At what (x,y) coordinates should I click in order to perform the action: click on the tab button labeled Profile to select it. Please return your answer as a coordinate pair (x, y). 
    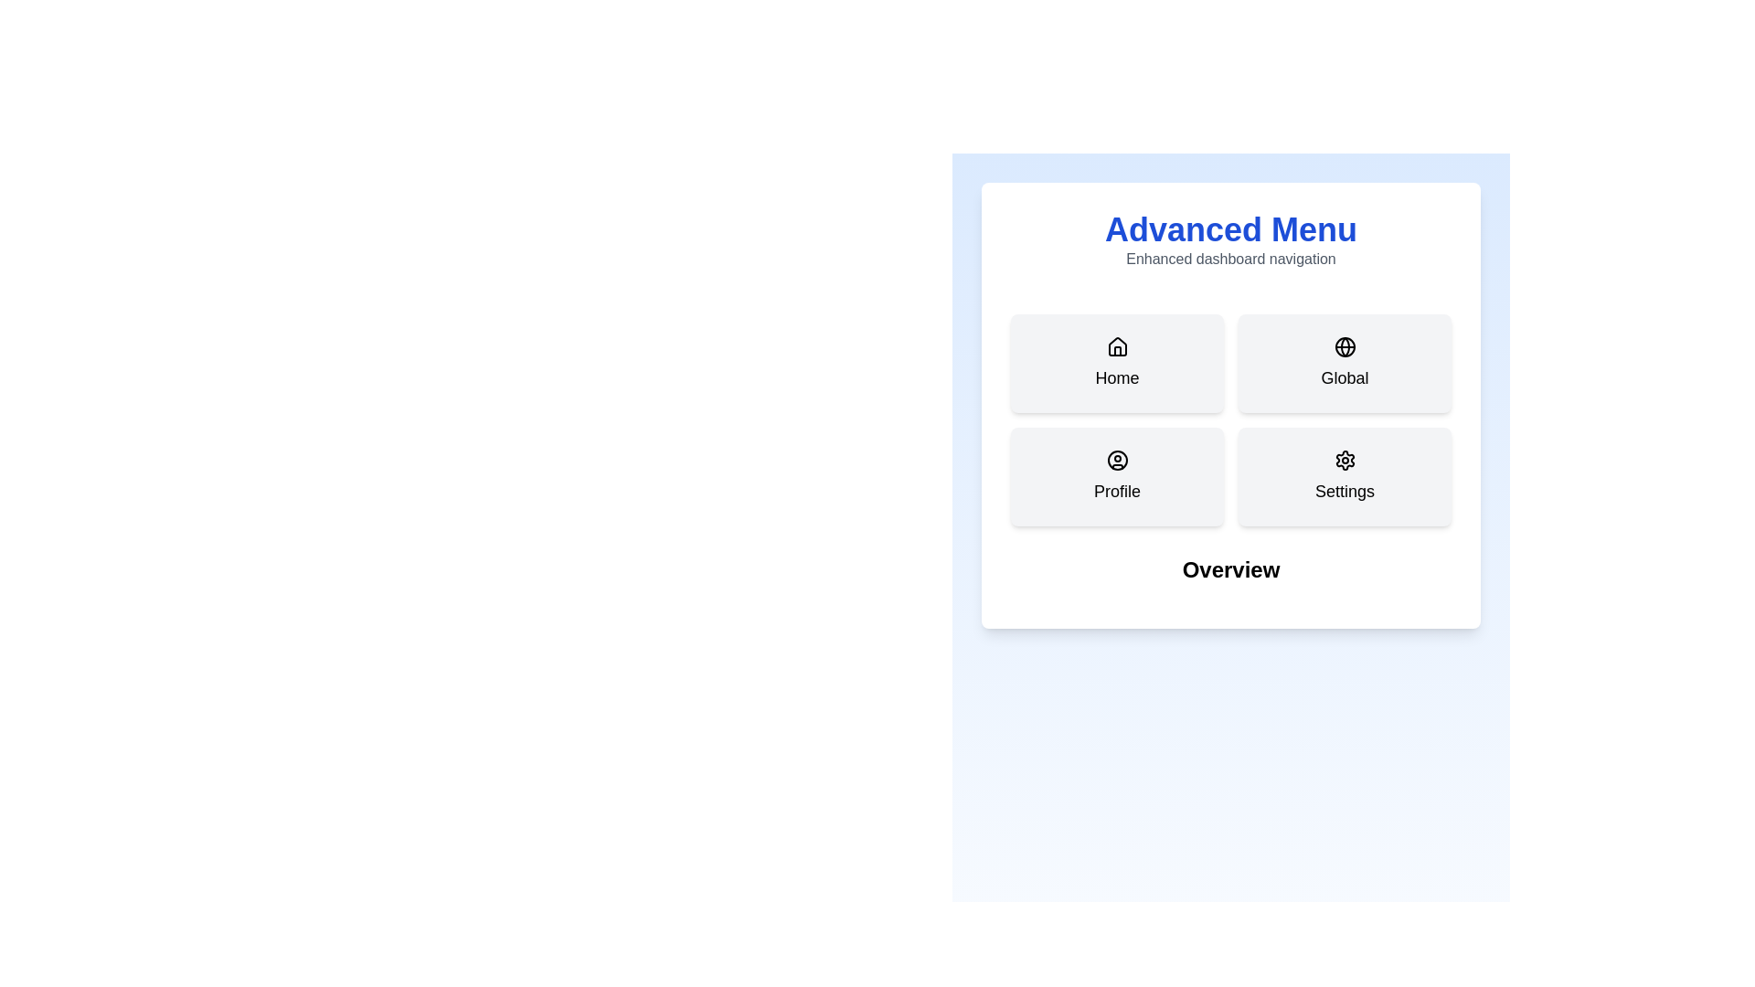
    Looking at the image, I should click on (1116, 475).